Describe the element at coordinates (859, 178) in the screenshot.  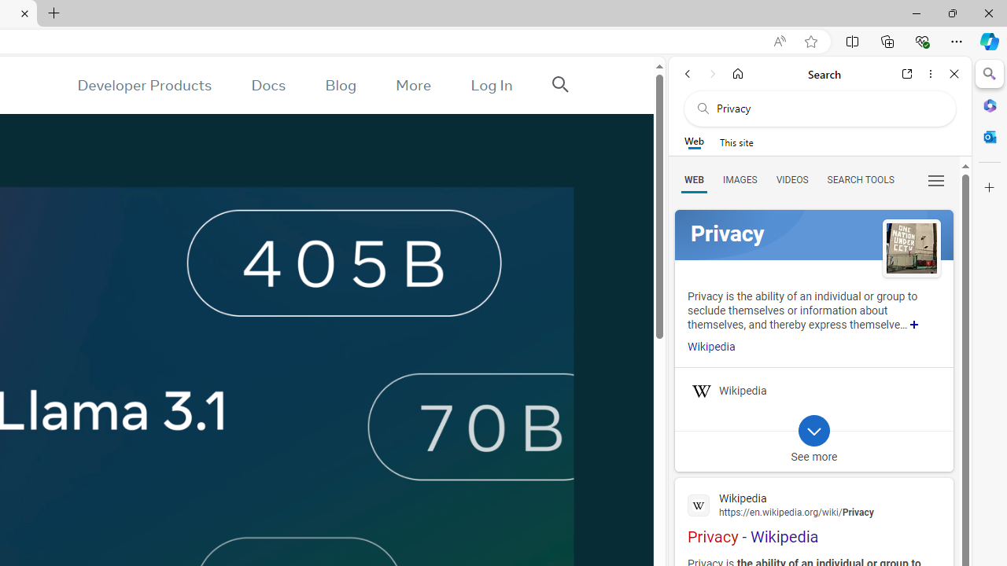
I see `'Search Filter, Search Tools'` at that location.